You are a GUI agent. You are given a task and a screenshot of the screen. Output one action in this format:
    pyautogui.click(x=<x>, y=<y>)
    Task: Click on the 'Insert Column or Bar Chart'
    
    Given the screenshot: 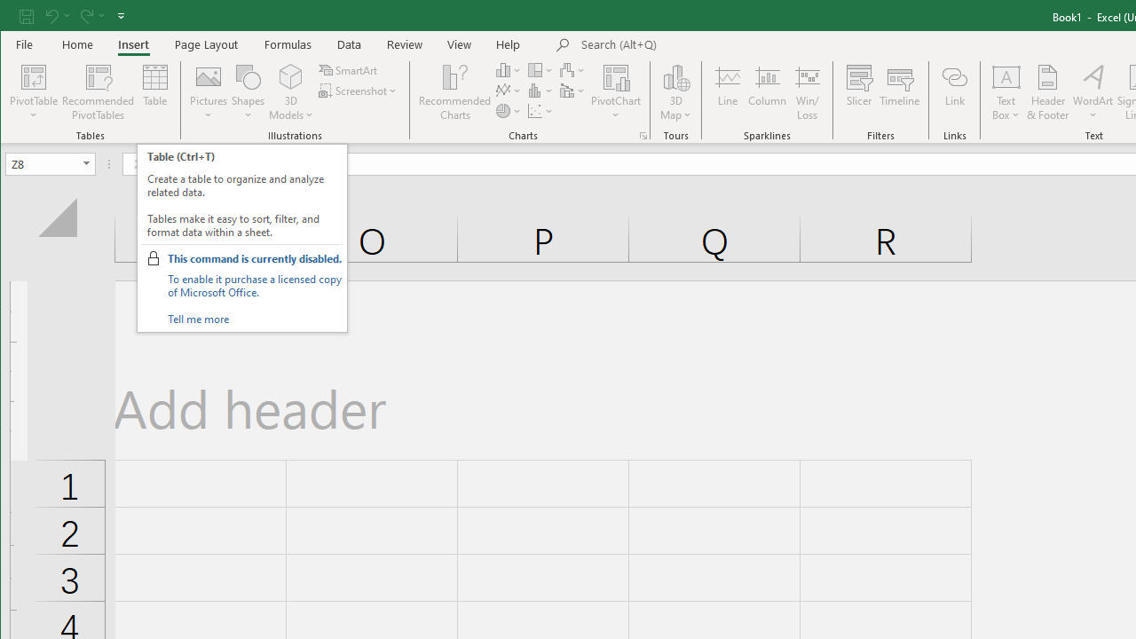 What is the action you would take?
    pyautogui.click(x=508, y=69)
    